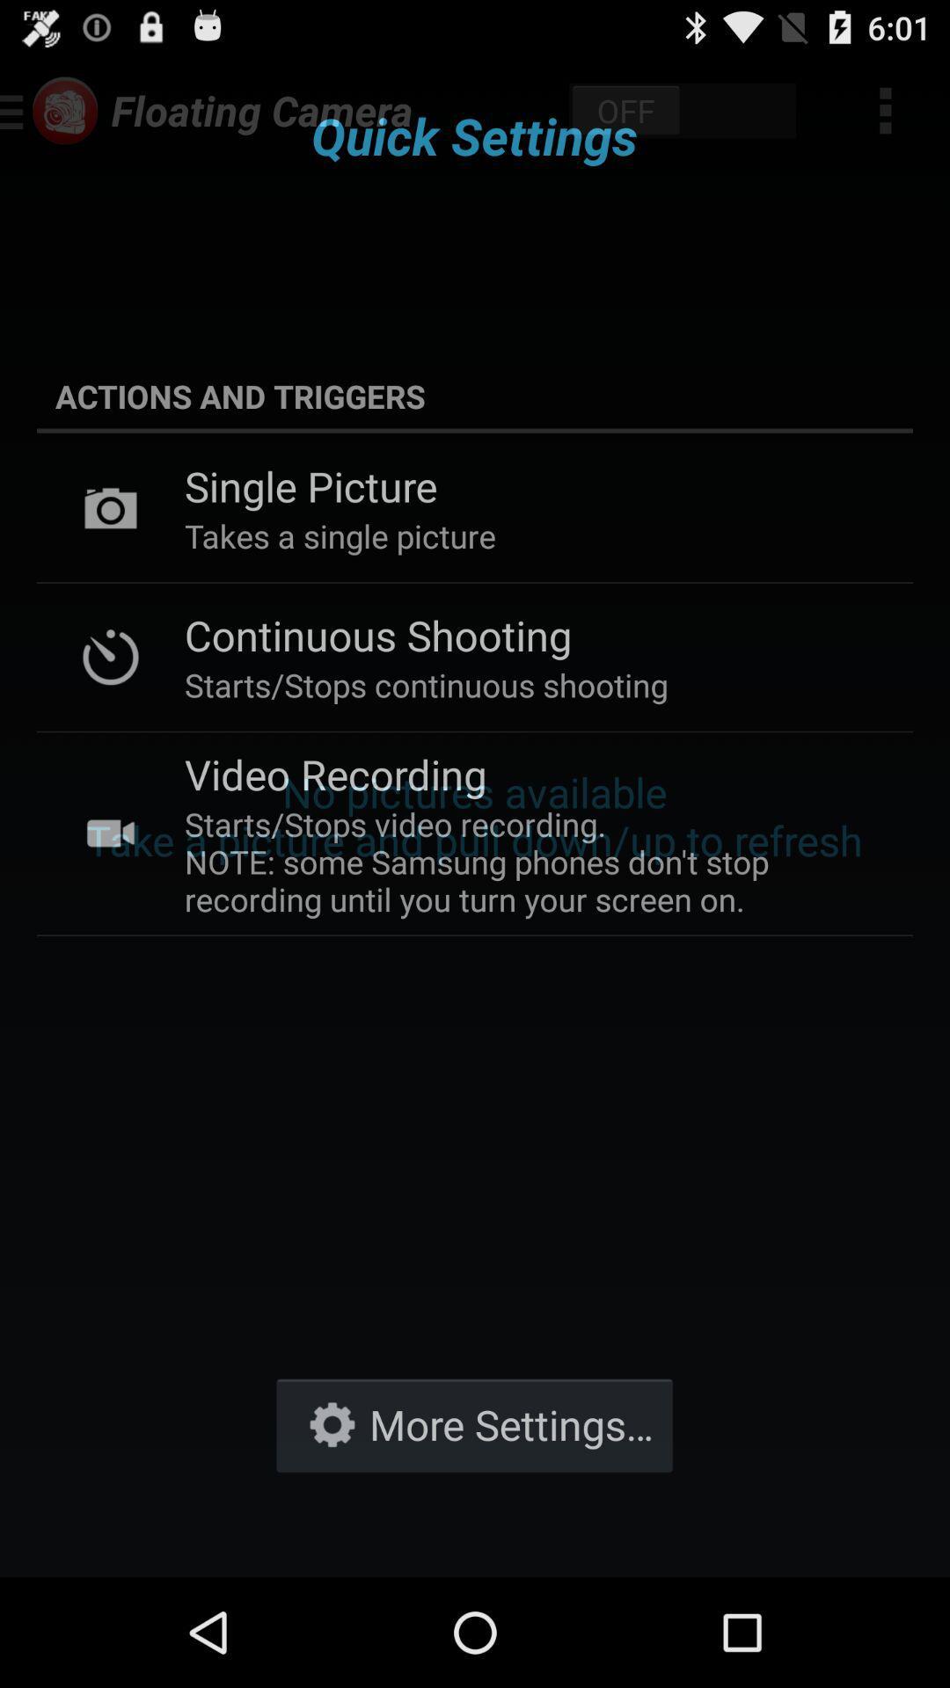 The image size is (950, 1688). I want to click on the takes a single, so click(340, 535).